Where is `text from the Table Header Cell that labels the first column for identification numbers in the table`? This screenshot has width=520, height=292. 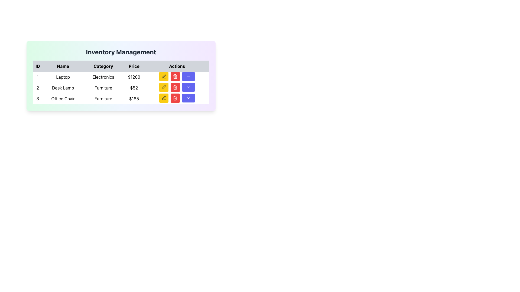 text from the Table Header Cell that labels the first column for identification numbers in the table is located at coordinates (37, 66).